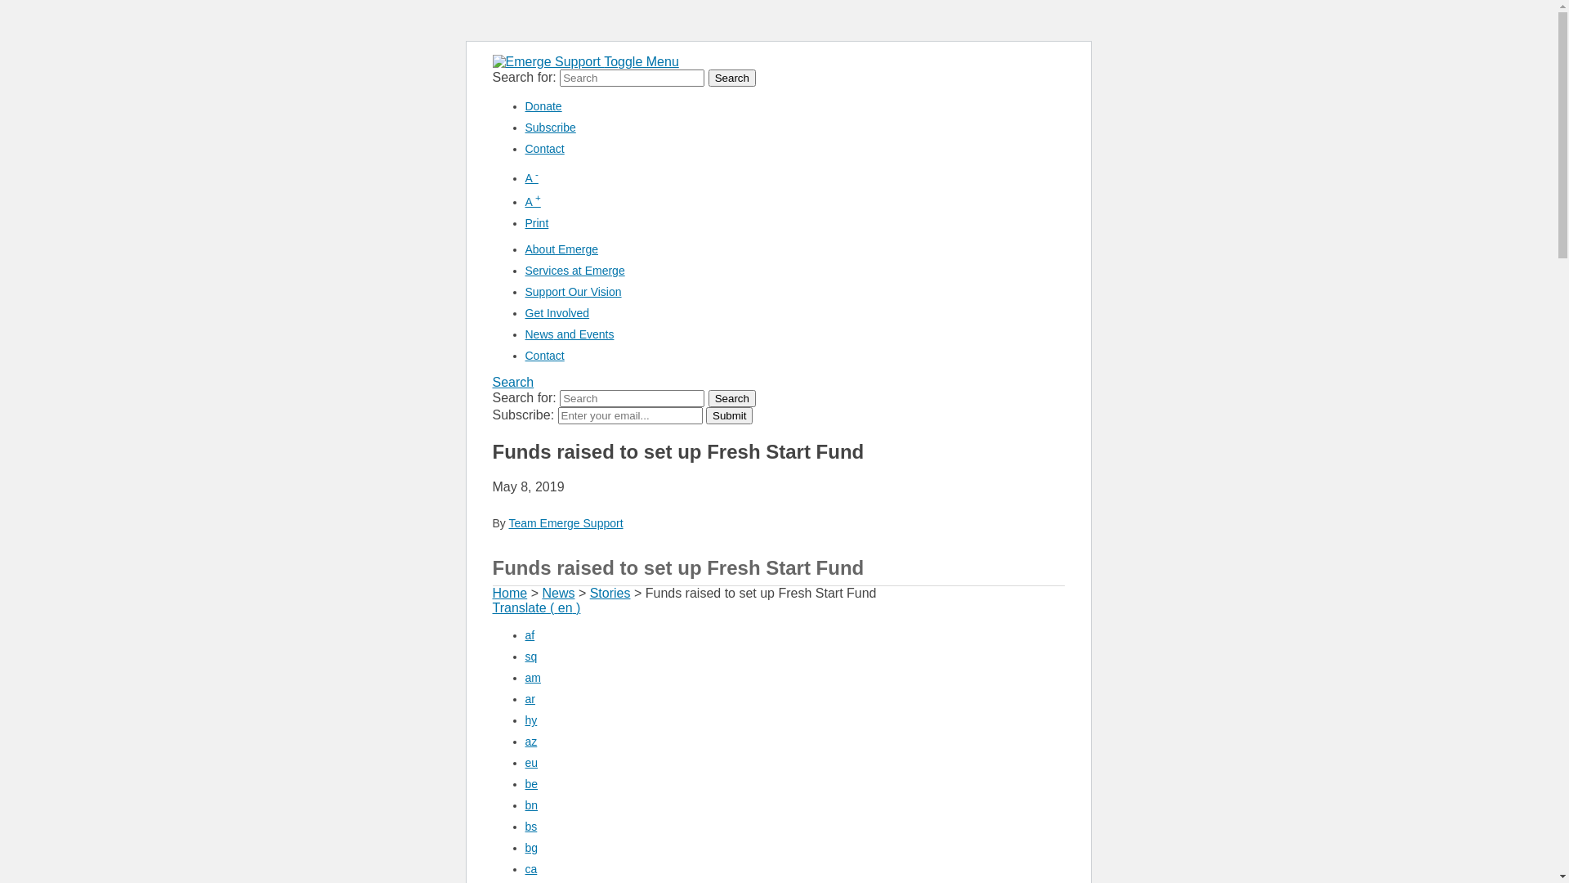 The image size is (1569, 883). I want to click on 'ca', so click(530, 868).